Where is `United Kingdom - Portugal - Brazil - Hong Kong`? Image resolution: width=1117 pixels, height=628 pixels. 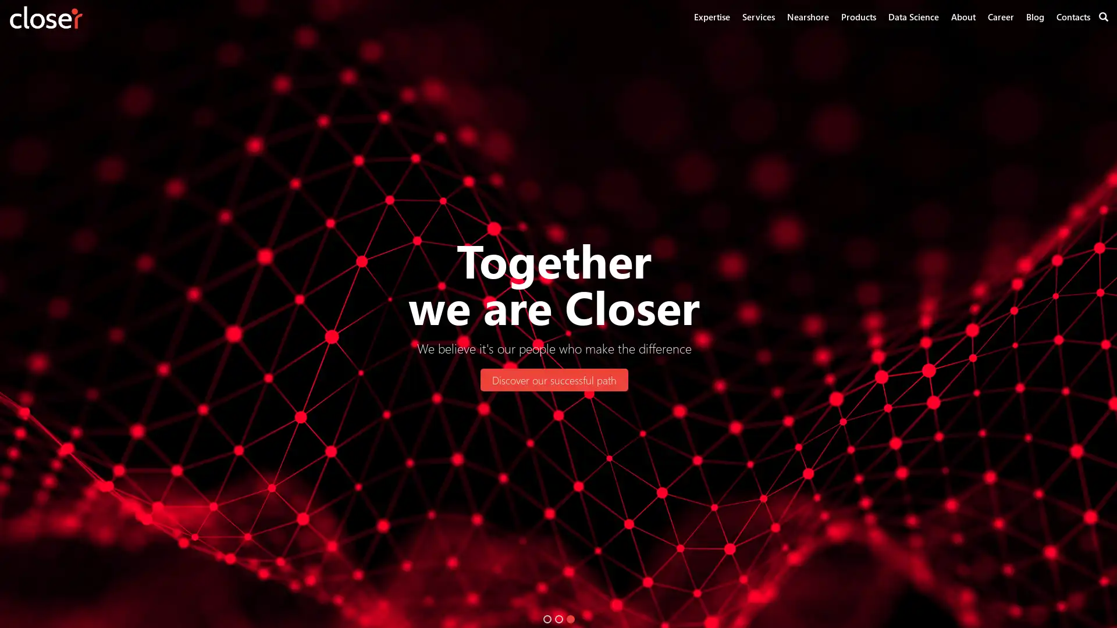 United Kingdom - Portugal - Brazil - Hong Kong is located at coordinates (364, 380).